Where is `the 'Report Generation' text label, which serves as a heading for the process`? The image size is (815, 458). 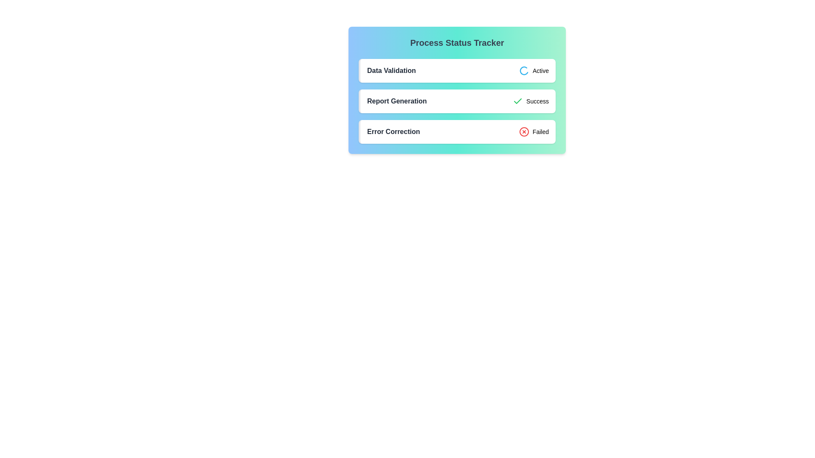 the 'Report Generation' text label, which serves as a heading for the process is located at coordinates (396, 101).